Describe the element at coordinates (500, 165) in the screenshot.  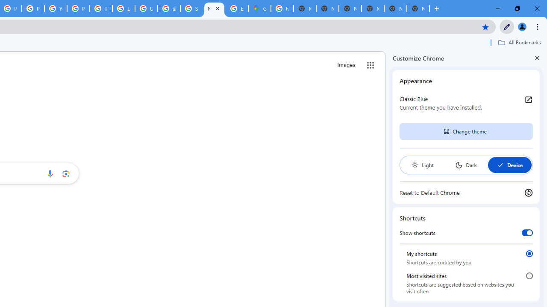
I see `'AutomationID: baseSvg'` at that location.